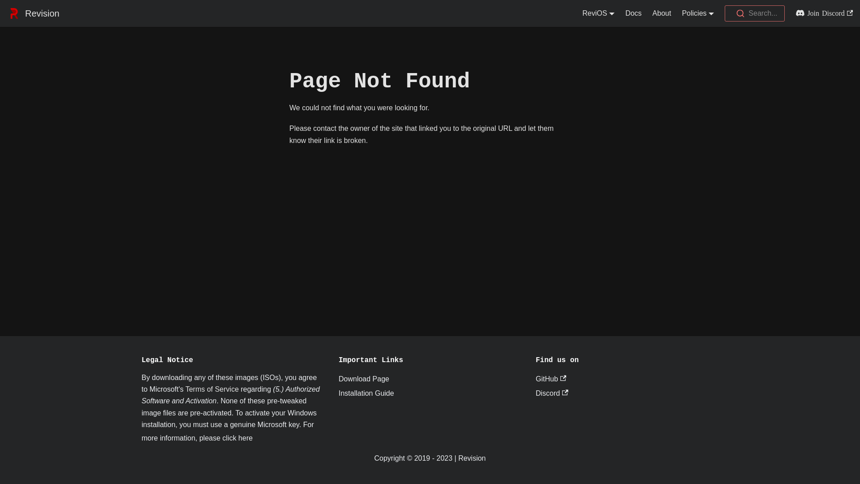 The height and width of the screenshot is (484, 860). I want to click on 'Discord', so click(535, 393).